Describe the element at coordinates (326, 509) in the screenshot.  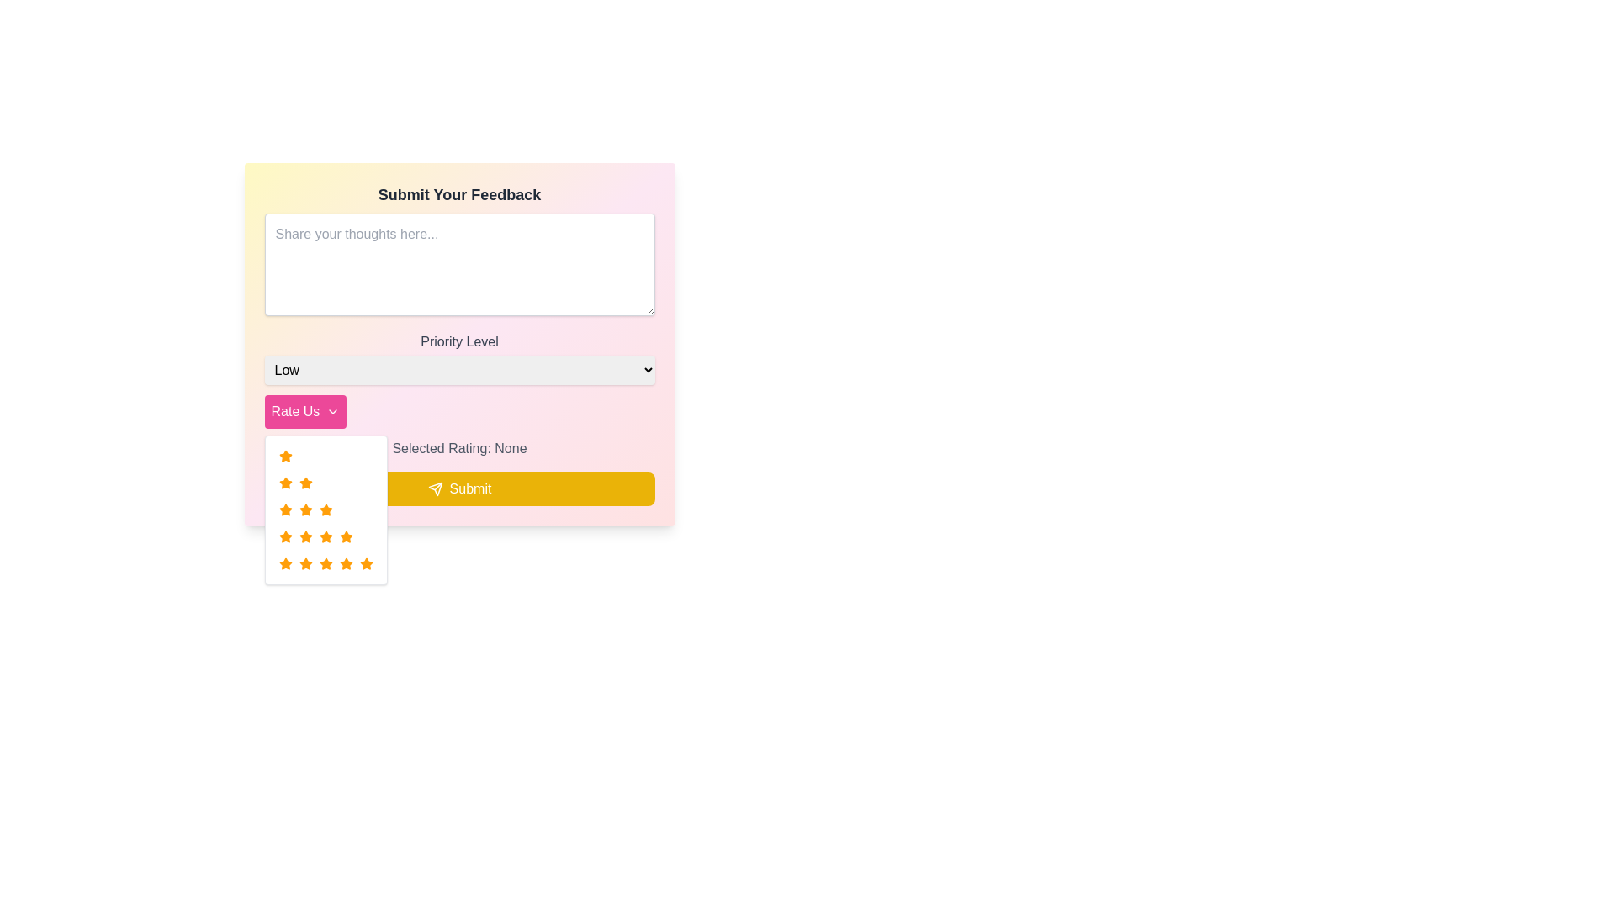
I see `over the three-star rating component located inside the dropdown panel below the 'Rate Us' button` at that location.